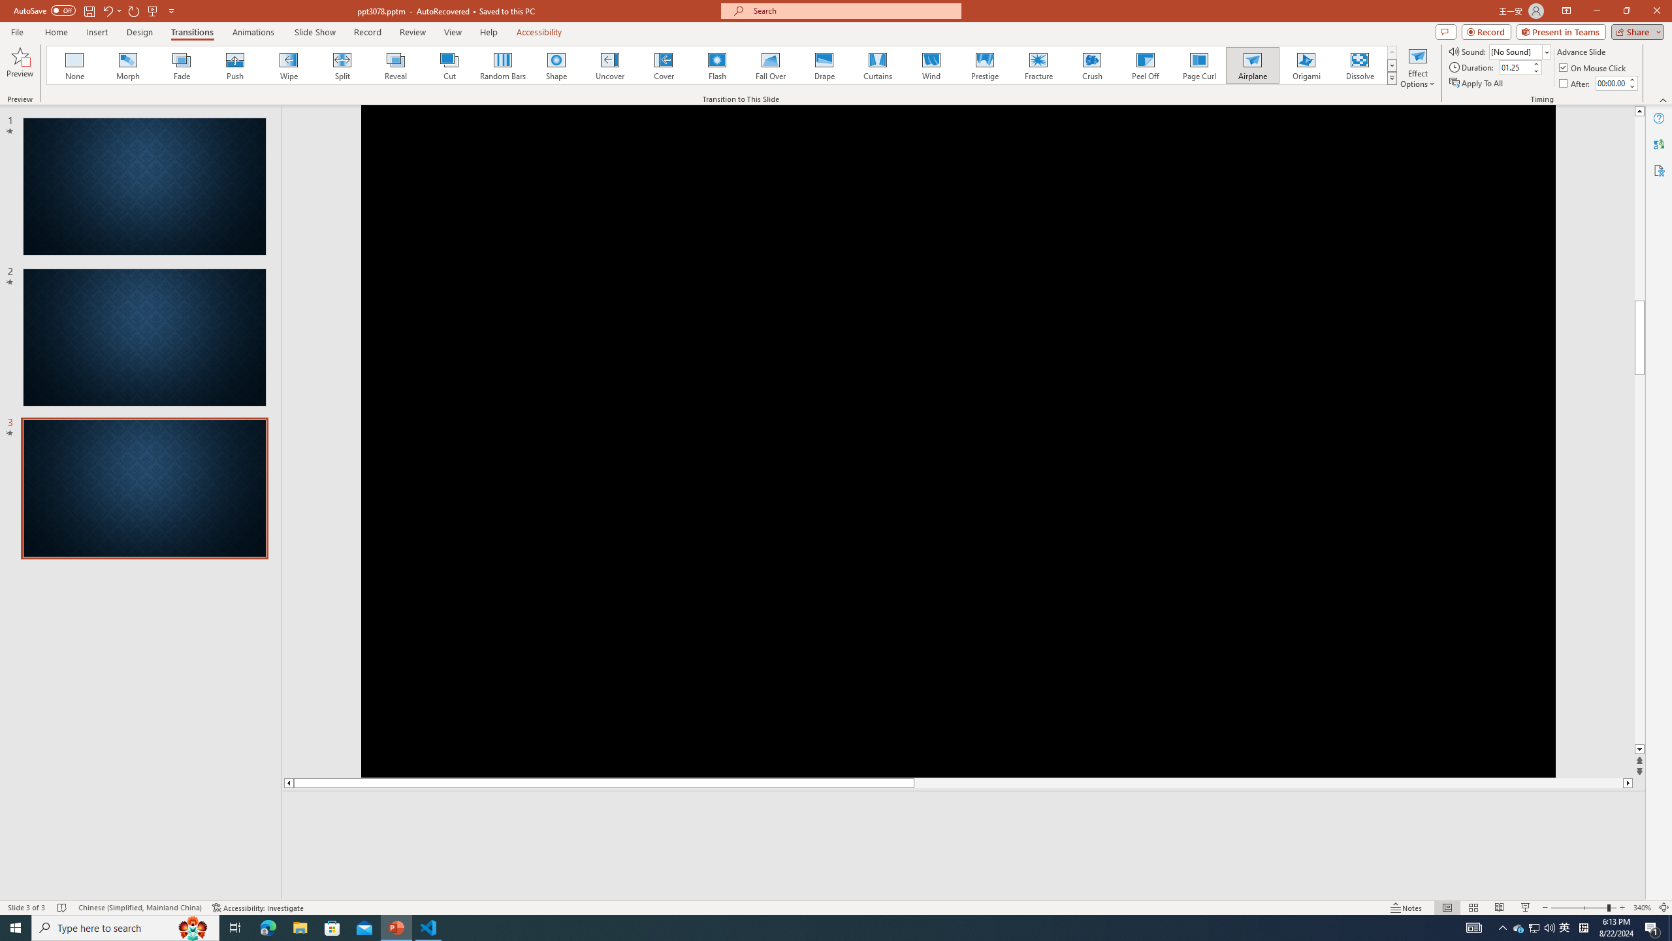  Describe the element at coordinates (1592, 67) in the screenshot. I see `'On Mouse Click'` at that location.